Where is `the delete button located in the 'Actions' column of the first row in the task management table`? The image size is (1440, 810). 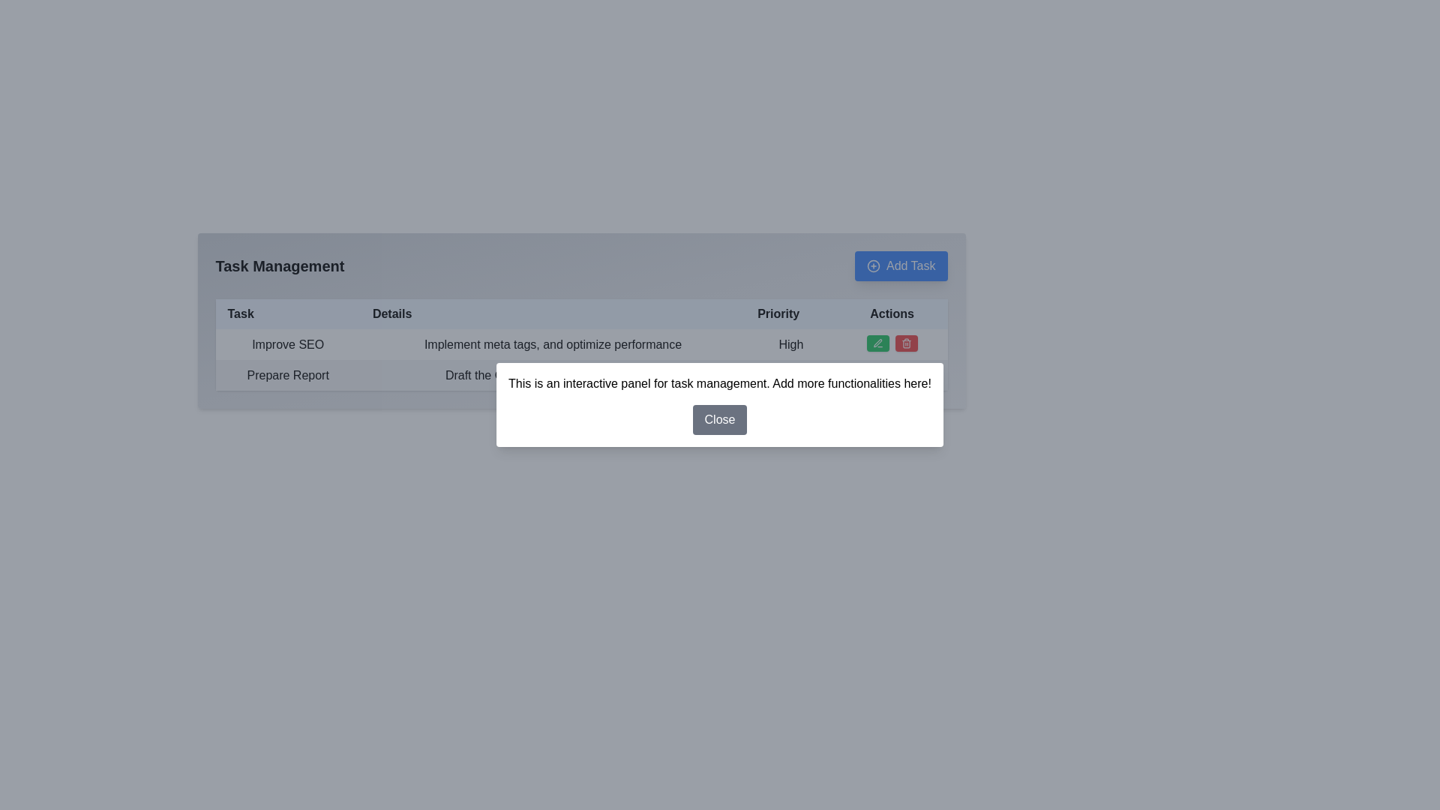 the delete button located in the 'Actions' column of the first row in the task management table is located at coordinates (905, 343).